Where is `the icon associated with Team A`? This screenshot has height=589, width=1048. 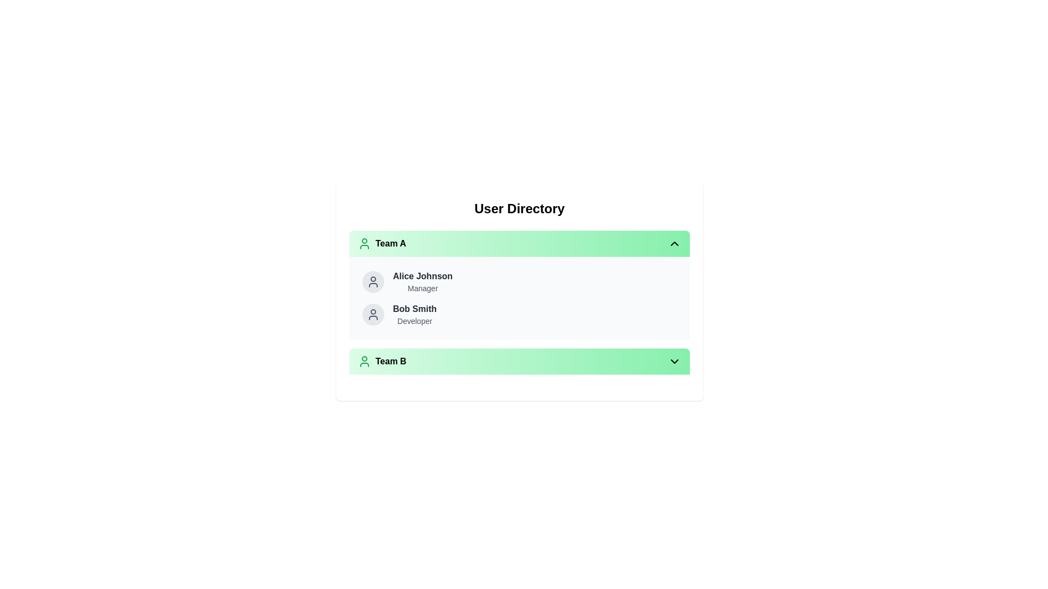
the icon associated with Team A is located at coordinates (364, 243).